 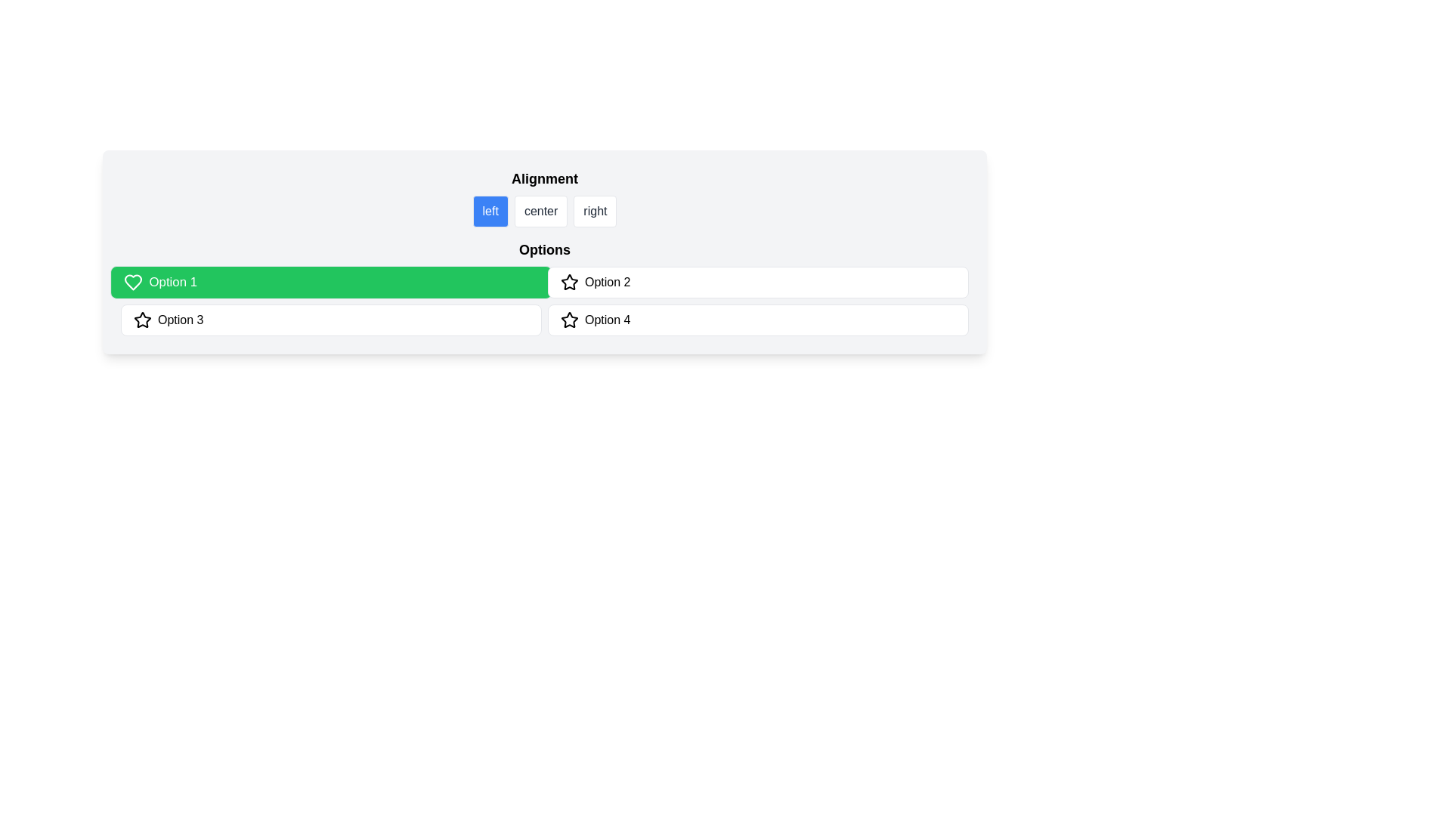 I want to click on the 'Option 4' button located at the bottom-right corner of the two-by-two grid of options, so click(x=758, y=320).